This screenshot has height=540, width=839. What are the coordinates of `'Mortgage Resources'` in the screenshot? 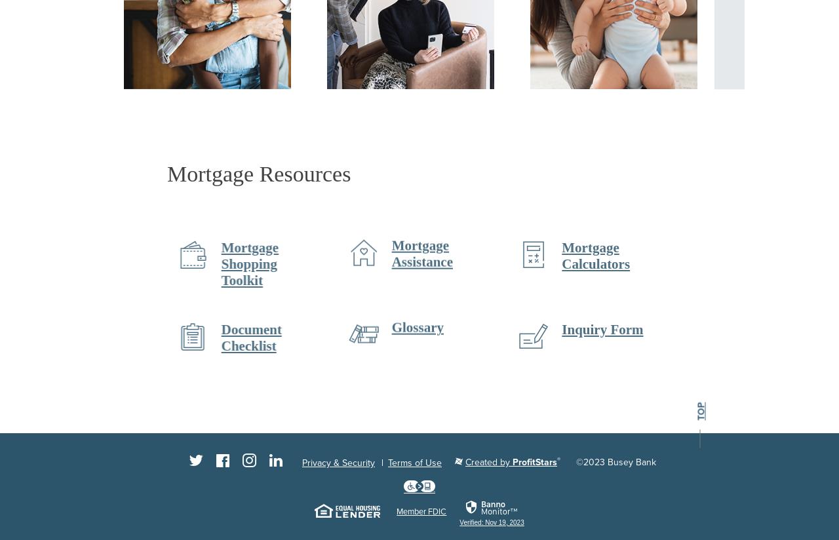 It's located at (258, 174).